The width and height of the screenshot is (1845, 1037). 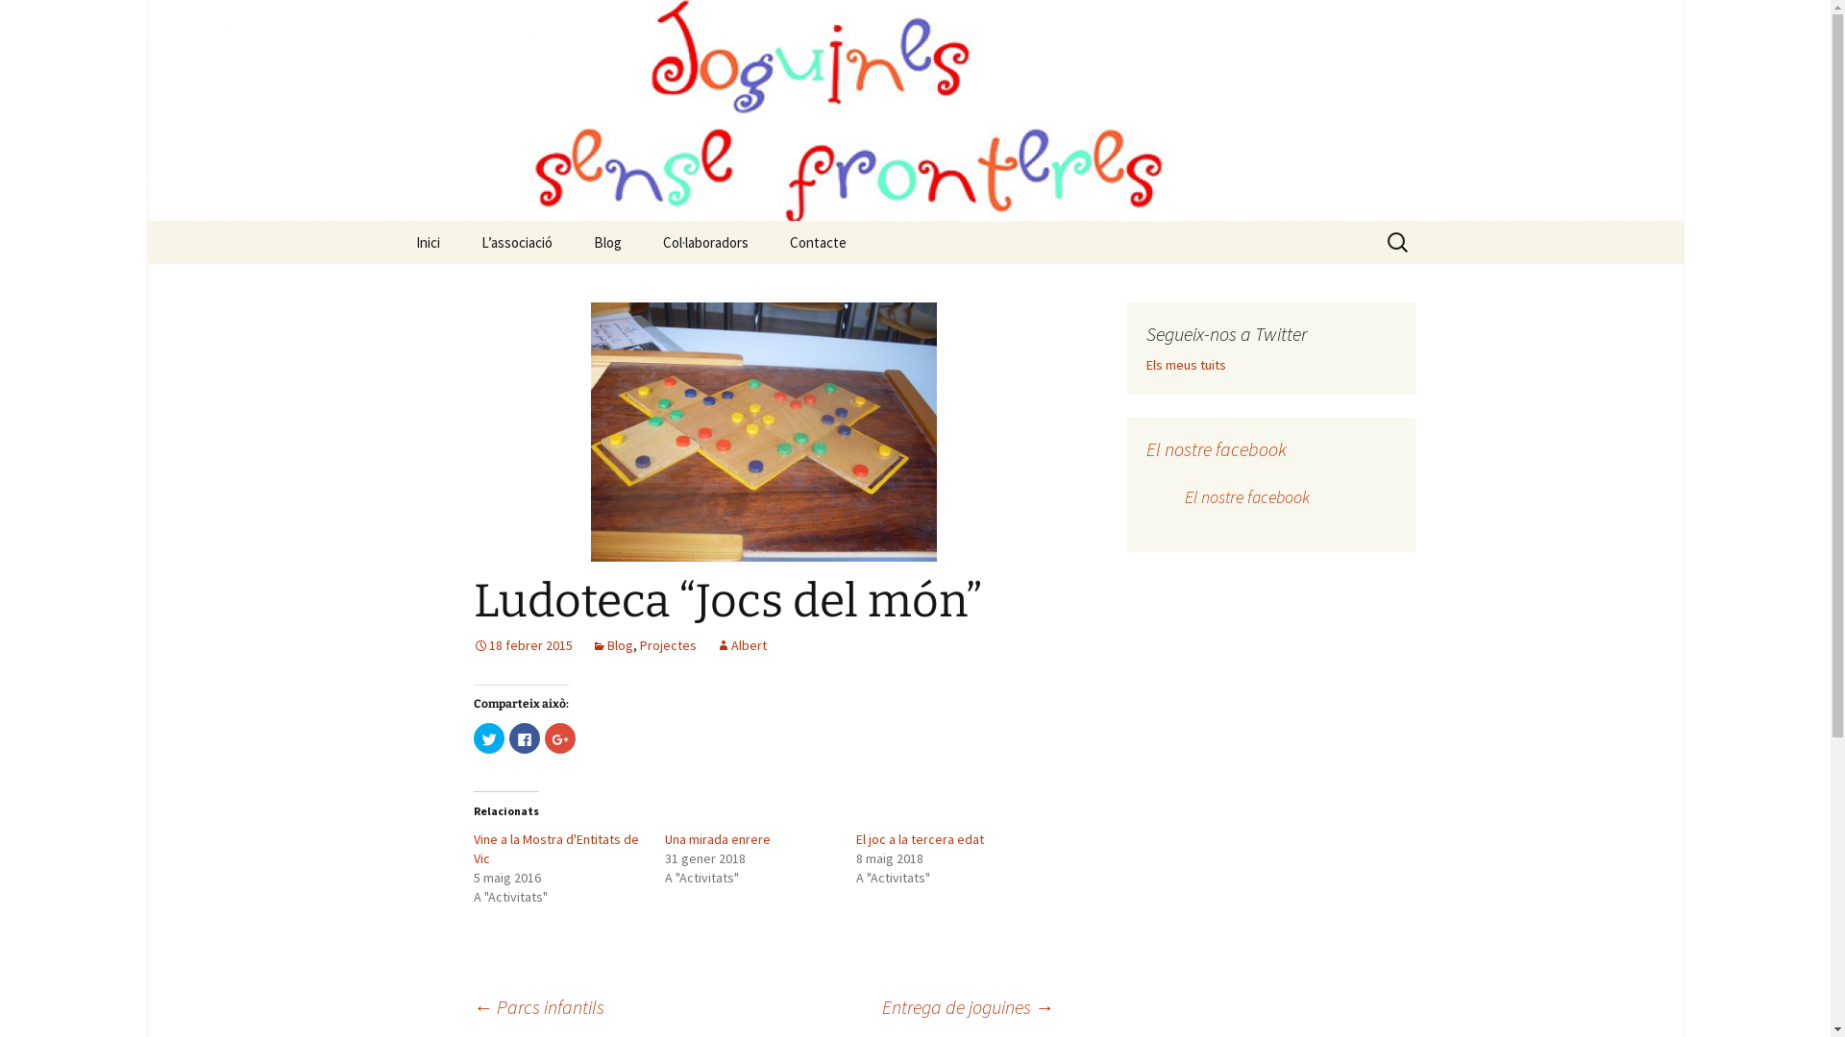 I want to click on 'Projectes', so click(x=640, y=644).